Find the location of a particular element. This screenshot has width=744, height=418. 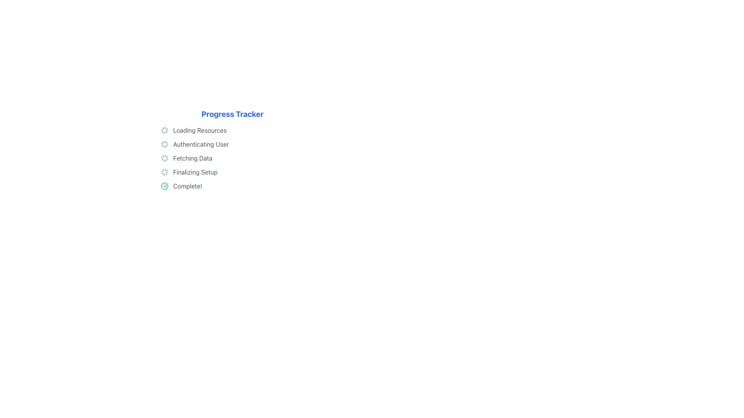

text from the text label that displays 'Finalizing Setup', which is styled in gray and is part of the progress tracking interface is located at coordinates (195, 171).